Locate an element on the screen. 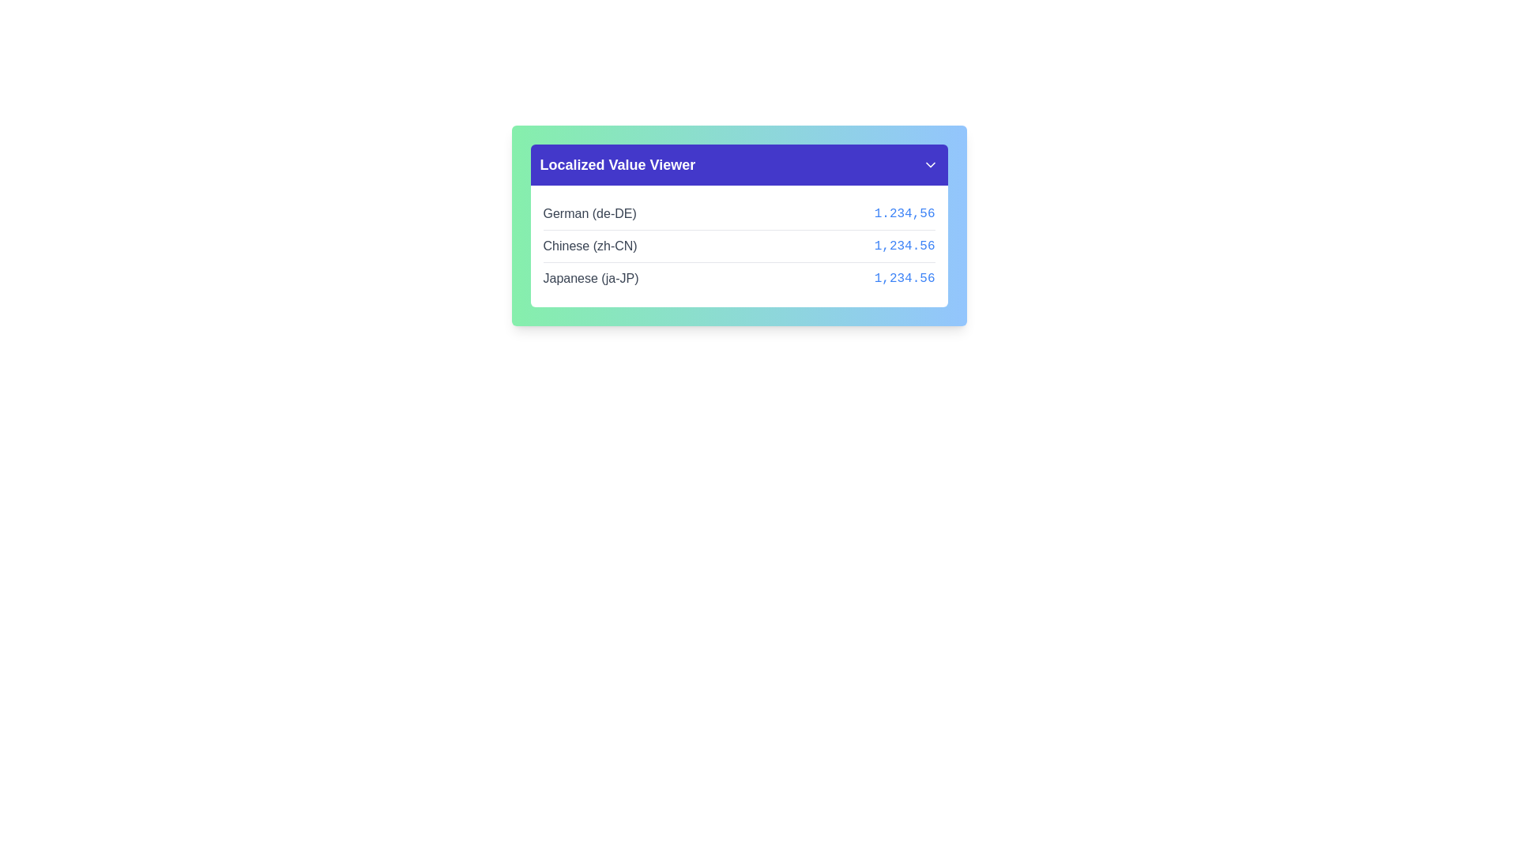 Image resolution: width=1517 pixels, height=853 pixels. the small, downward-pointing chevron icon styled in white color on a purple background located in the top-right corner of the purple header area of the 'Localized Value Viewer' panel is located at coordinates (930, 164).